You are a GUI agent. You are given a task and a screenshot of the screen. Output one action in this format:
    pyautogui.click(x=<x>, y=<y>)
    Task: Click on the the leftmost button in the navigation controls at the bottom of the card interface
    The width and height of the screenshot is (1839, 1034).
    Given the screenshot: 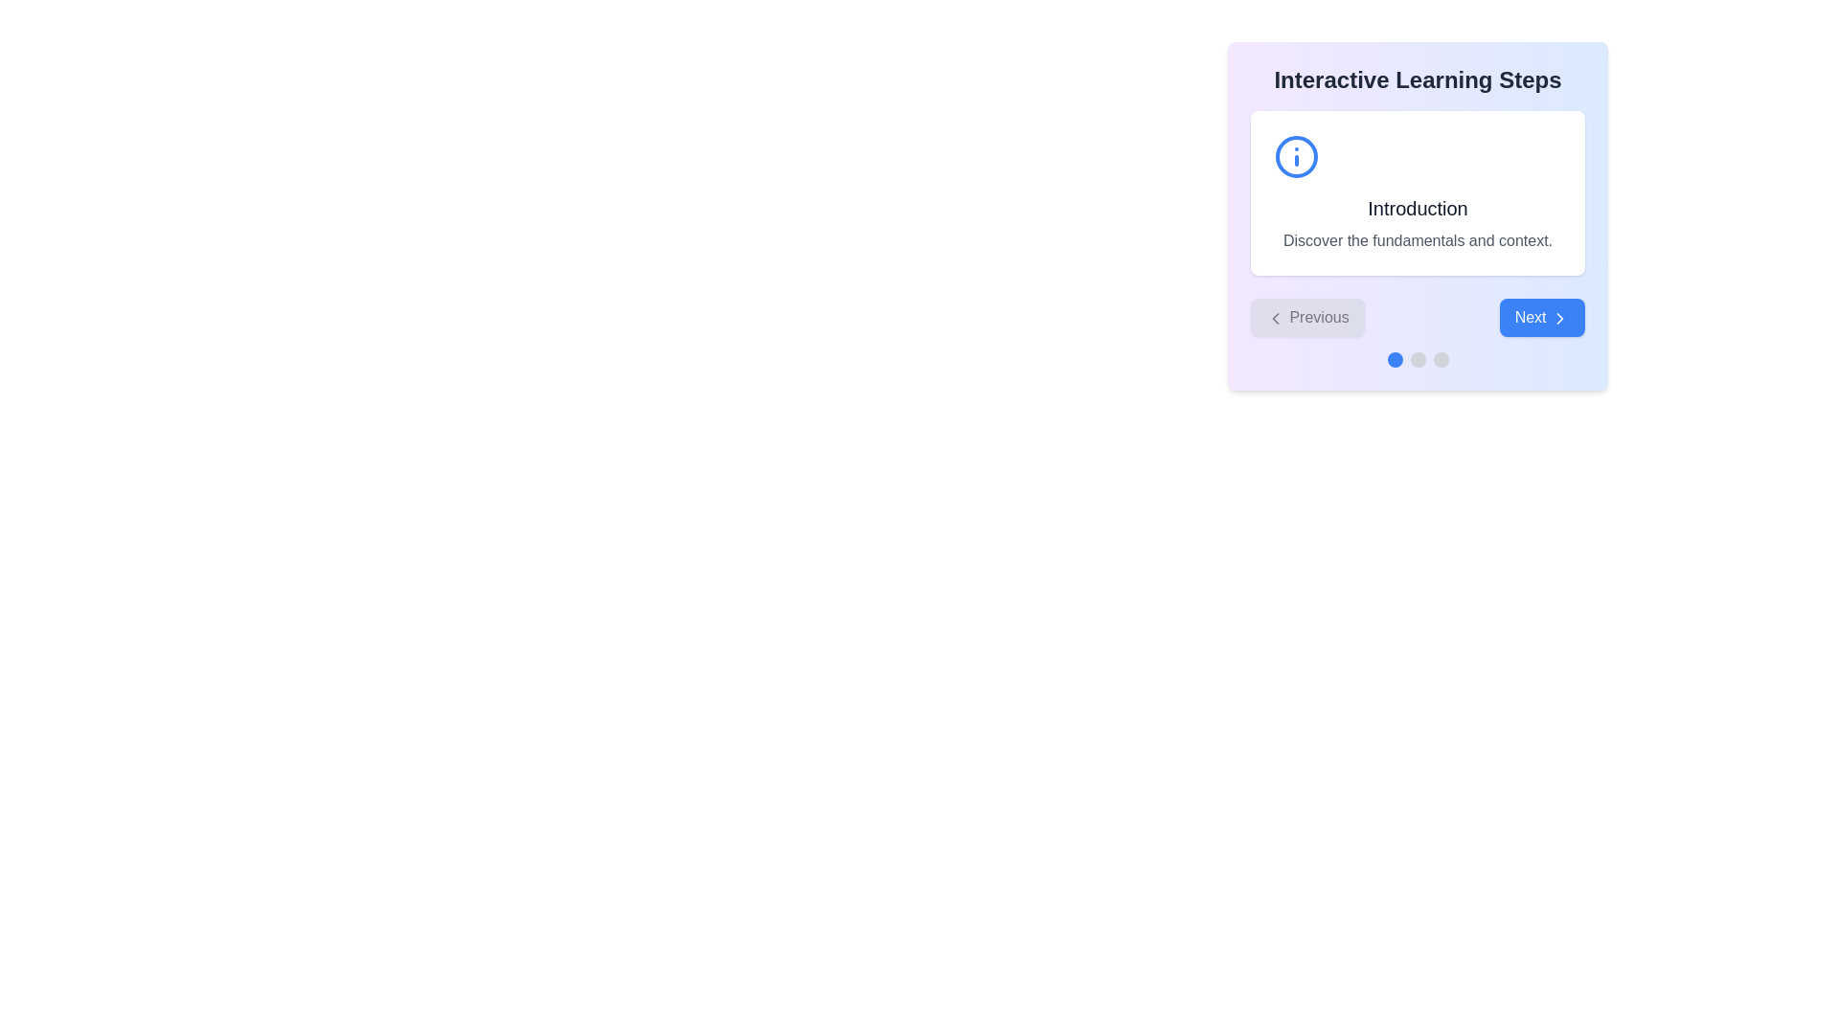 What is the action you would take?
    pyautogui.click(x=1306, y=316)
    